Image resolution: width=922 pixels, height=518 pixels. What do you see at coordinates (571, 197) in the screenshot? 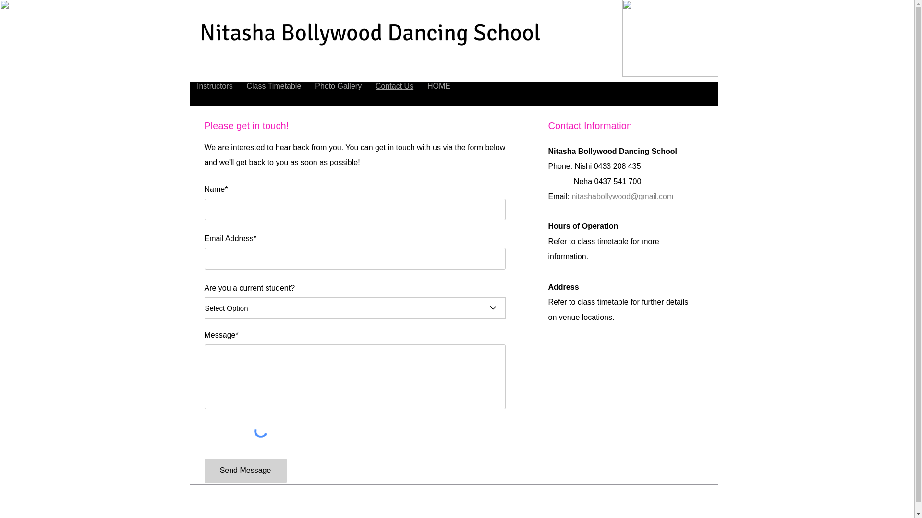
I see `'nitashabollywood@gmail.com'` at bounding box center [571, 197].